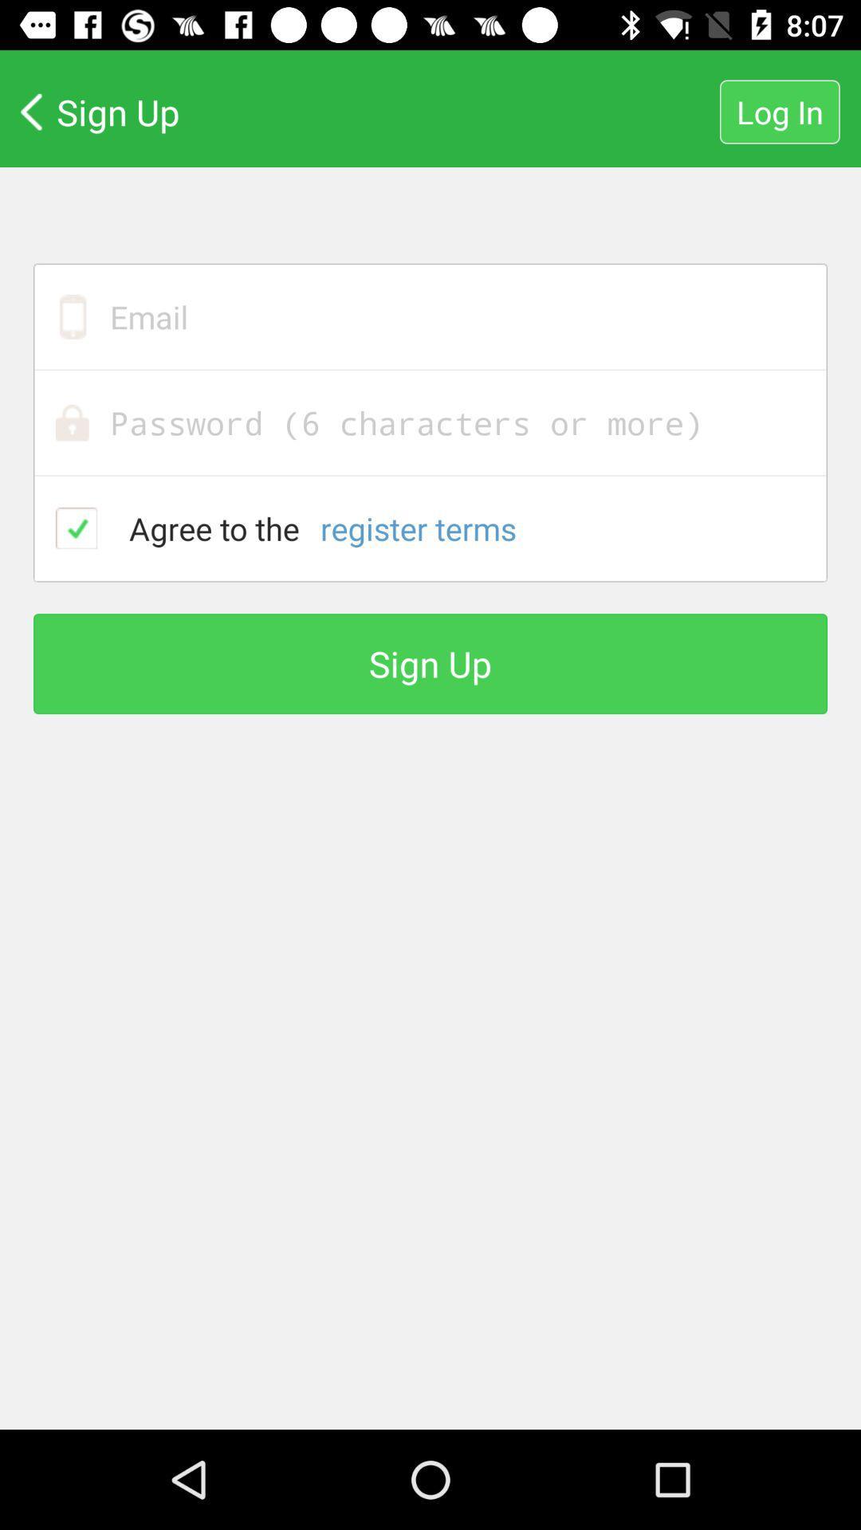  Describe the element at coordinates (77, 528) in the screenshot. I see `agree to the register terms` at that location.